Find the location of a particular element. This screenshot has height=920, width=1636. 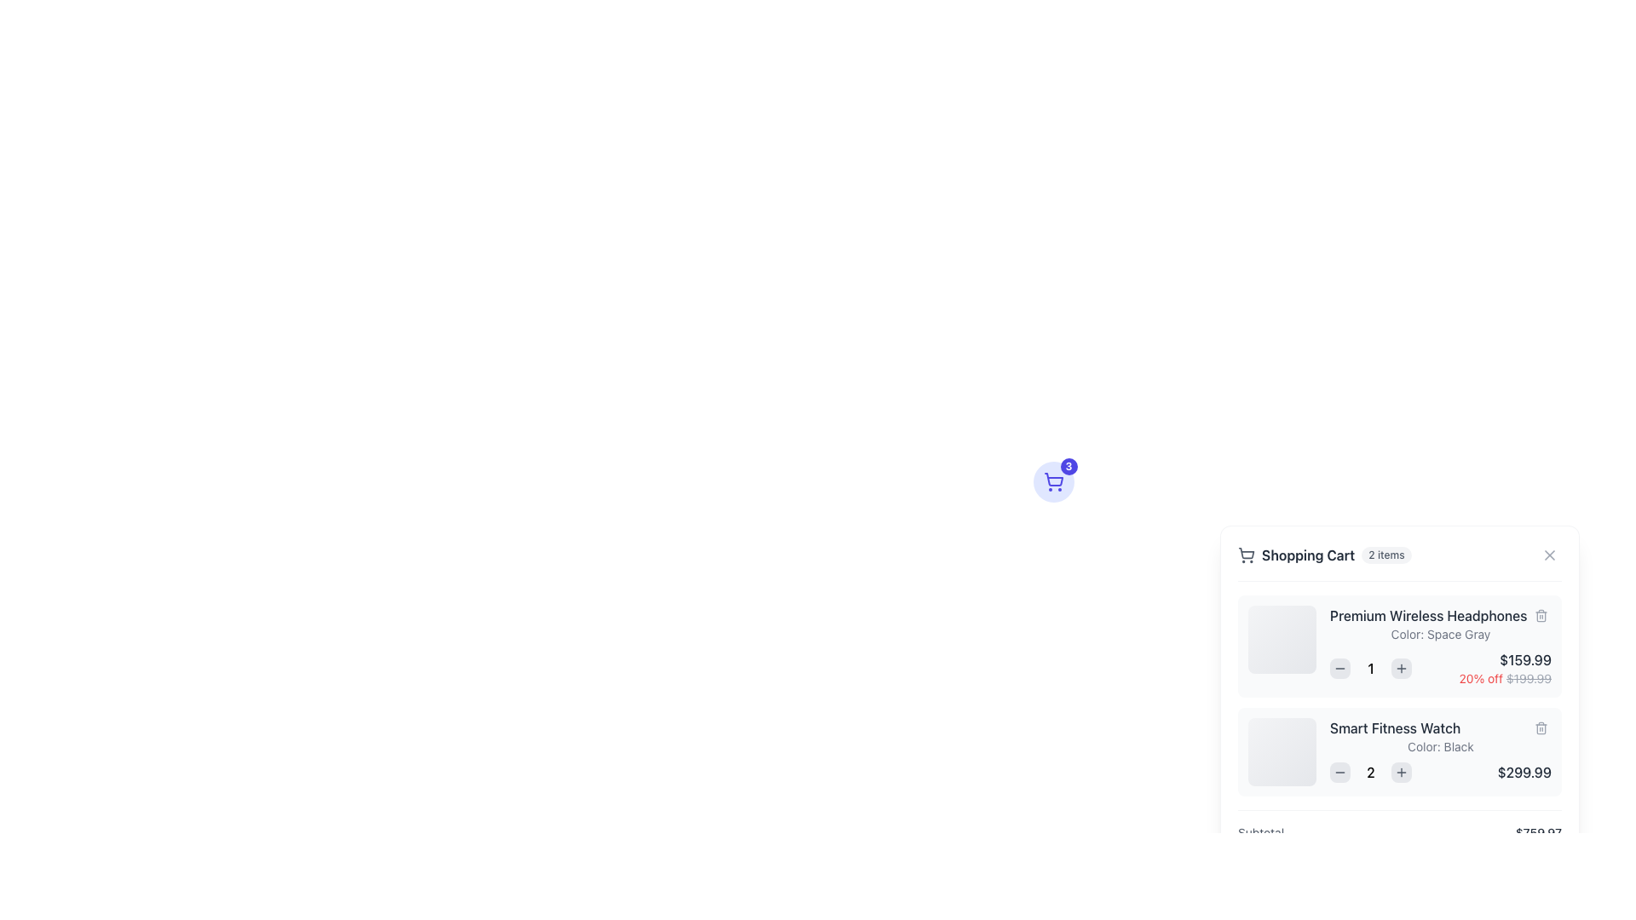

the visual line element that is part of the trash bin icon representing a delete action, located in the shopping cart interface next to 'Premium Wireless Headphones' is located at coordinates (1541, 728).